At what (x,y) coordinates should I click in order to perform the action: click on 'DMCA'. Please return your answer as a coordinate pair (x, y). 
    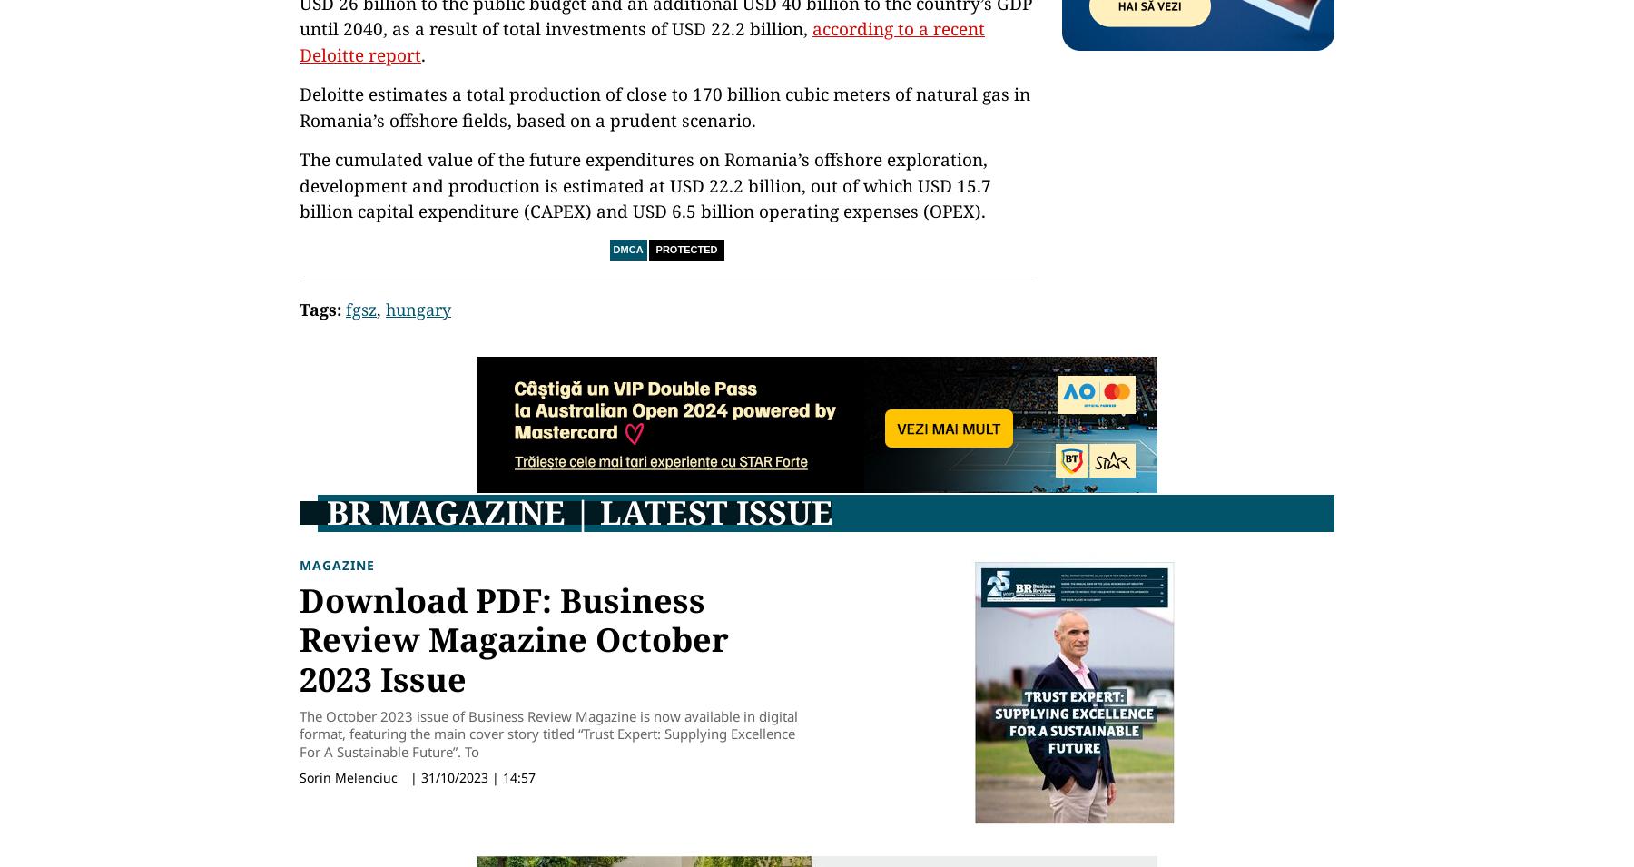
    Looking at the image, I should click on (626, 250).